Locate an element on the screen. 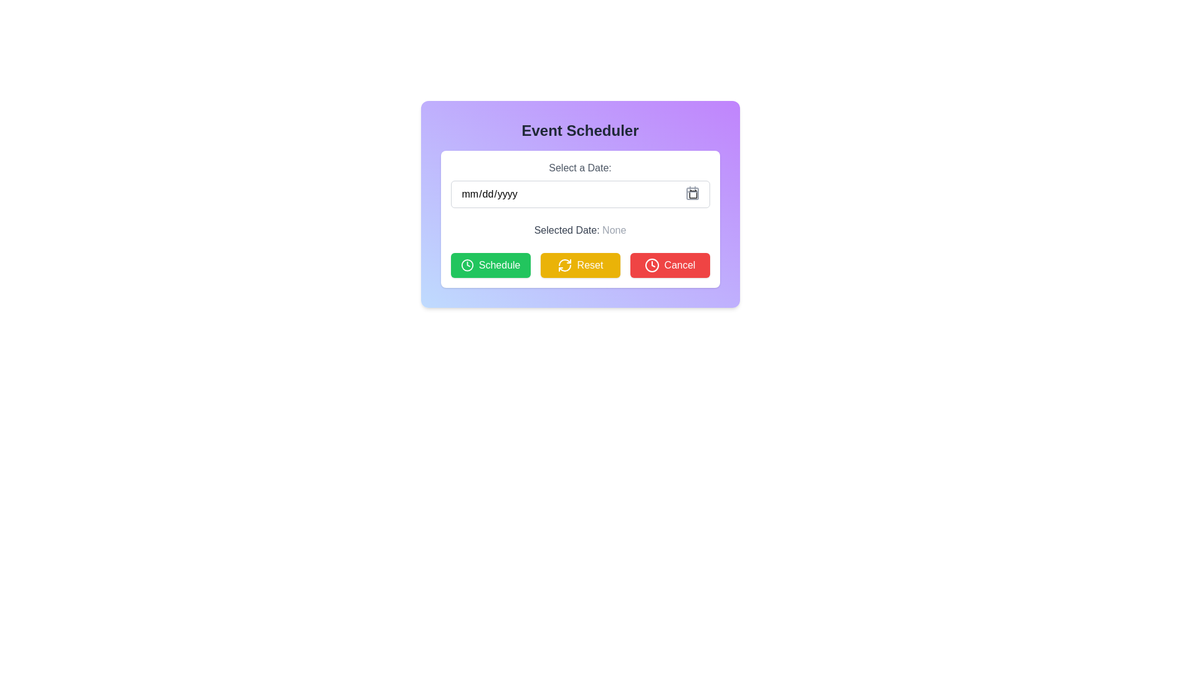 Image resolution: width=1196 pixels, height=673 pixels. the gray calendar icon located to the right of the 'Select a Date' input box is located at coordinates (691, 193).